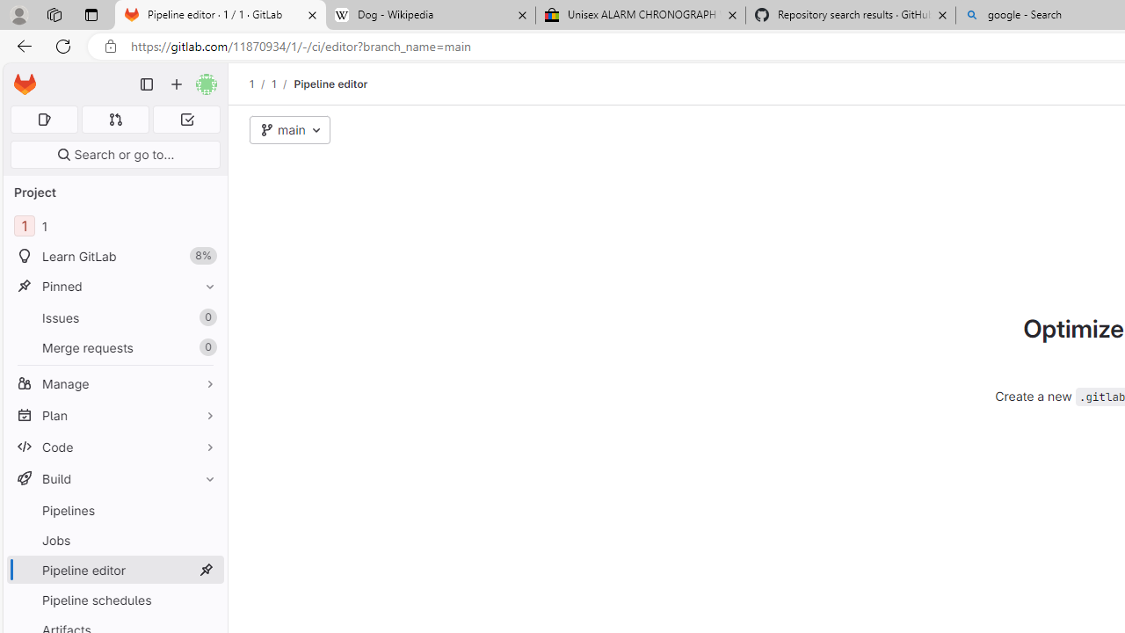  What do you see at coordinates (282, 84) in the screenshot?
I see `'1/'` at bounding box center [282, 84].